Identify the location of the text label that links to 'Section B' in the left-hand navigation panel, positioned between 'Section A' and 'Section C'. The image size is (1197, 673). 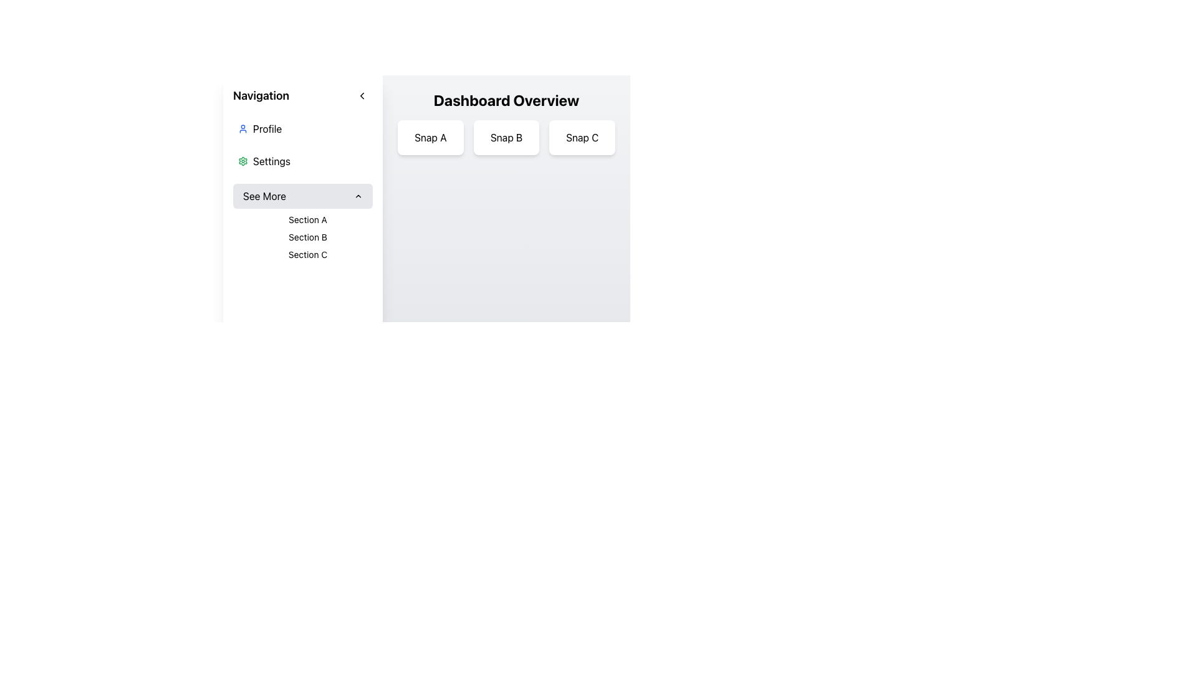
(308, 237).